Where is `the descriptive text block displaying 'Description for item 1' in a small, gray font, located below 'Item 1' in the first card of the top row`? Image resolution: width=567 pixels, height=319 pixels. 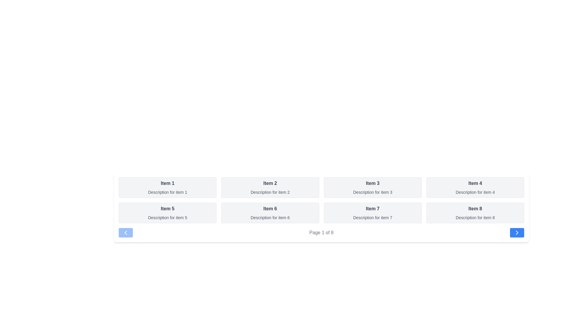
the descriptive text block displaying 'Description for item 1' in a small, gray font, located below 'Item 1' in the first card of the top row is located at coordinates (167, 192).